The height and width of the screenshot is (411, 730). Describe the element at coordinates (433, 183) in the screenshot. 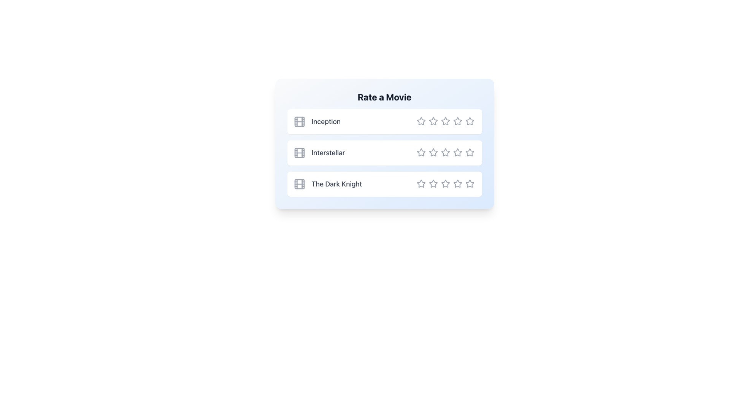

I see `the second star in the third row of the movie rating section` at that location.